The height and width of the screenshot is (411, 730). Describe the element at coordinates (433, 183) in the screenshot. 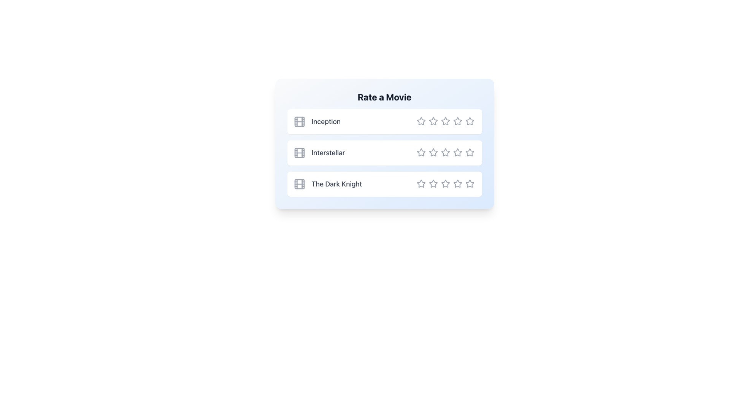

I see `the second star in the third row of the movie rating section` at that location.